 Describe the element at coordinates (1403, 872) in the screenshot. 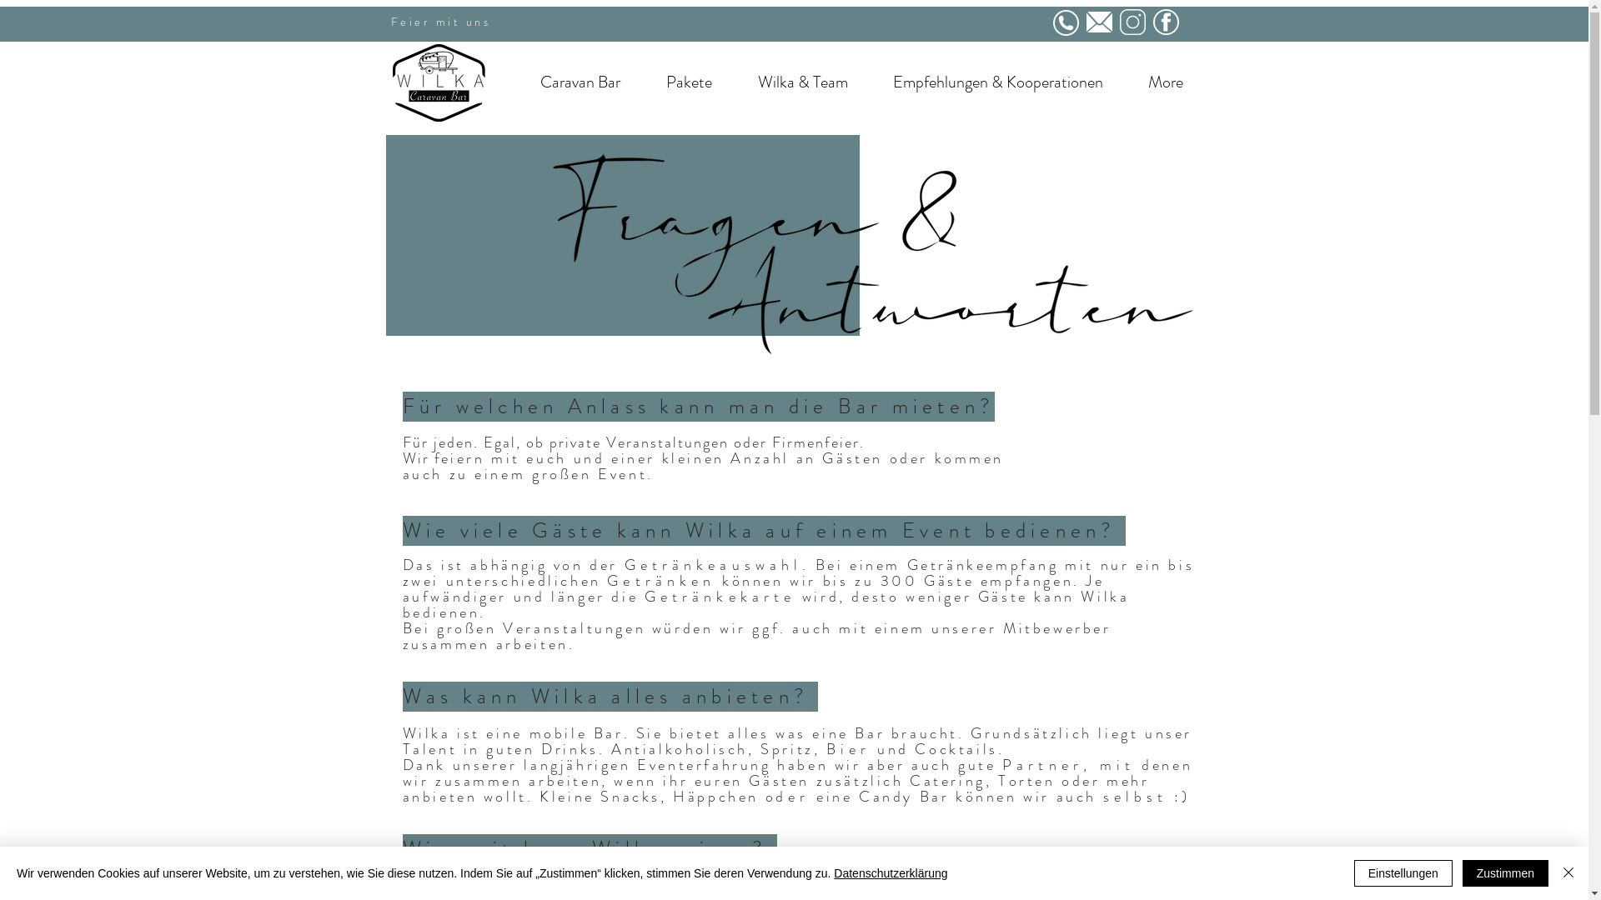

I see `'Einstellungen'` at that location.